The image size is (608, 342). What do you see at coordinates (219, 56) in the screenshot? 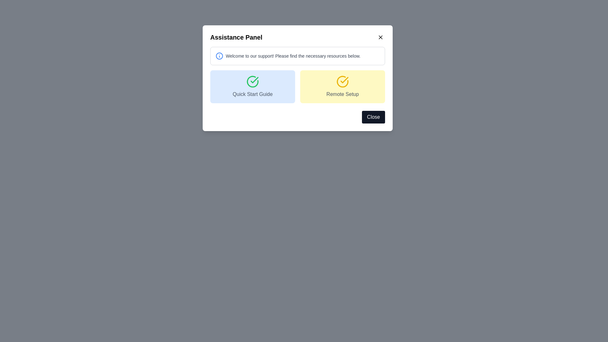
I see `informational icon located to the left of the text 'Welcome to our support! Please find the necessary resources below.' in the Assistance Panel by clicking on it` at bounding box center [219, 56].